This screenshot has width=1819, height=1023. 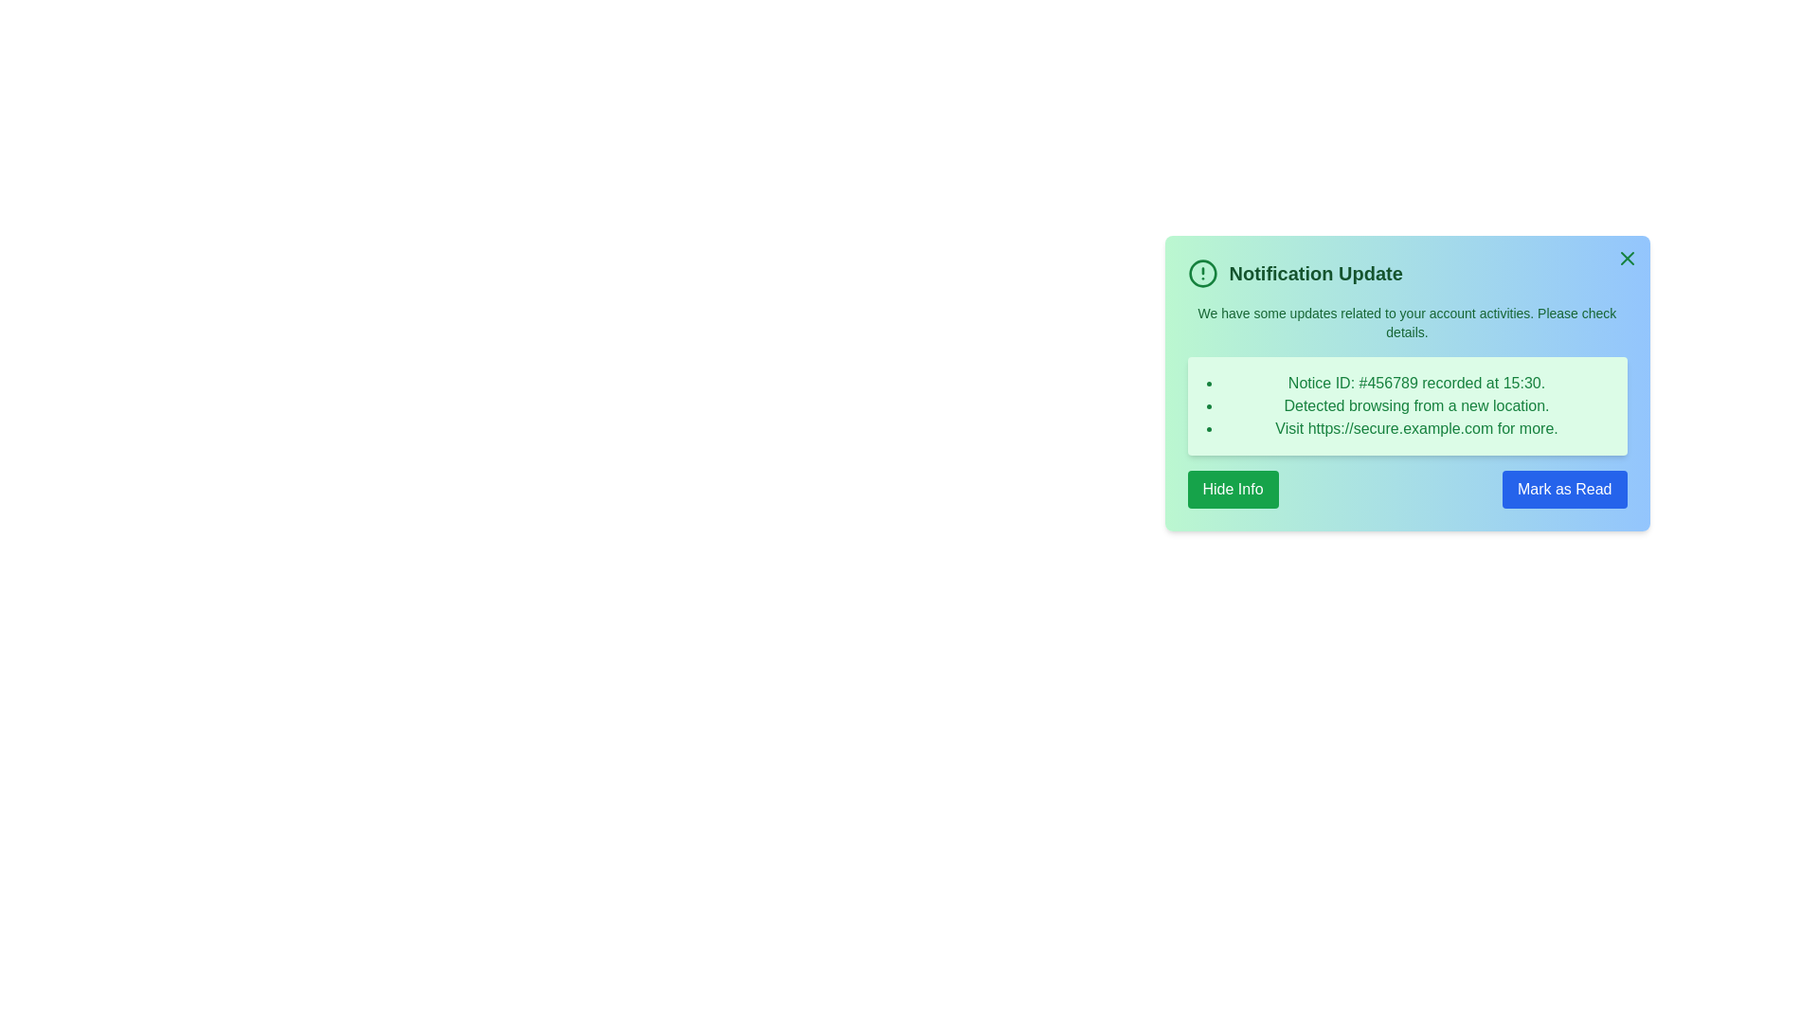 What do you see at coordinates (1233, 488) in the screenshot?
I see `the 'Hide Info' button to toggle the visibility of additional information` at bounding box center [1233, 488].